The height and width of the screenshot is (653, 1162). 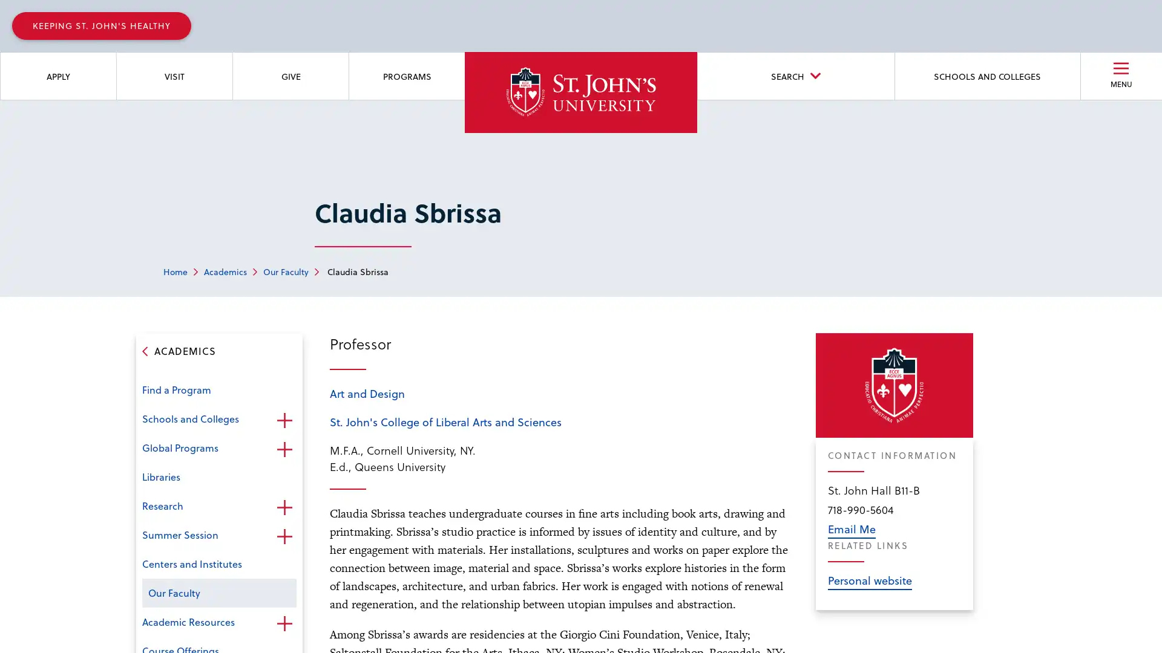 What do you see at coordinates (284, 536) in the screenshot?
I see `Open the sub-menu` at bounding box center [284, 536].